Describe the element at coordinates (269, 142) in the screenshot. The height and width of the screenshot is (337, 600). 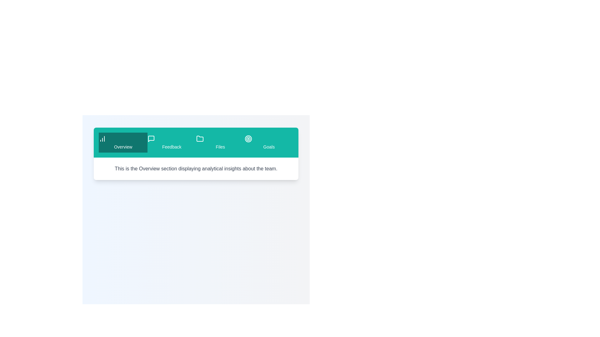
I see `the tab labeled Goals to observe the visual feedback` at that location.